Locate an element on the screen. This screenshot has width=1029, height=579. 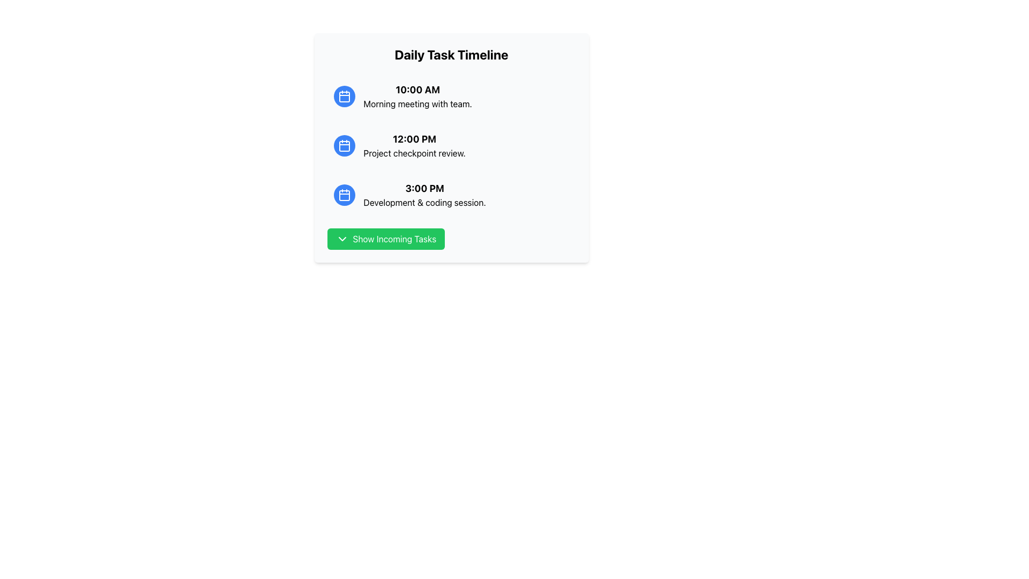
the calendar icon located to the left of the text '12:00 PM Project checkpoint review.' is located at coordinates (344, 146).